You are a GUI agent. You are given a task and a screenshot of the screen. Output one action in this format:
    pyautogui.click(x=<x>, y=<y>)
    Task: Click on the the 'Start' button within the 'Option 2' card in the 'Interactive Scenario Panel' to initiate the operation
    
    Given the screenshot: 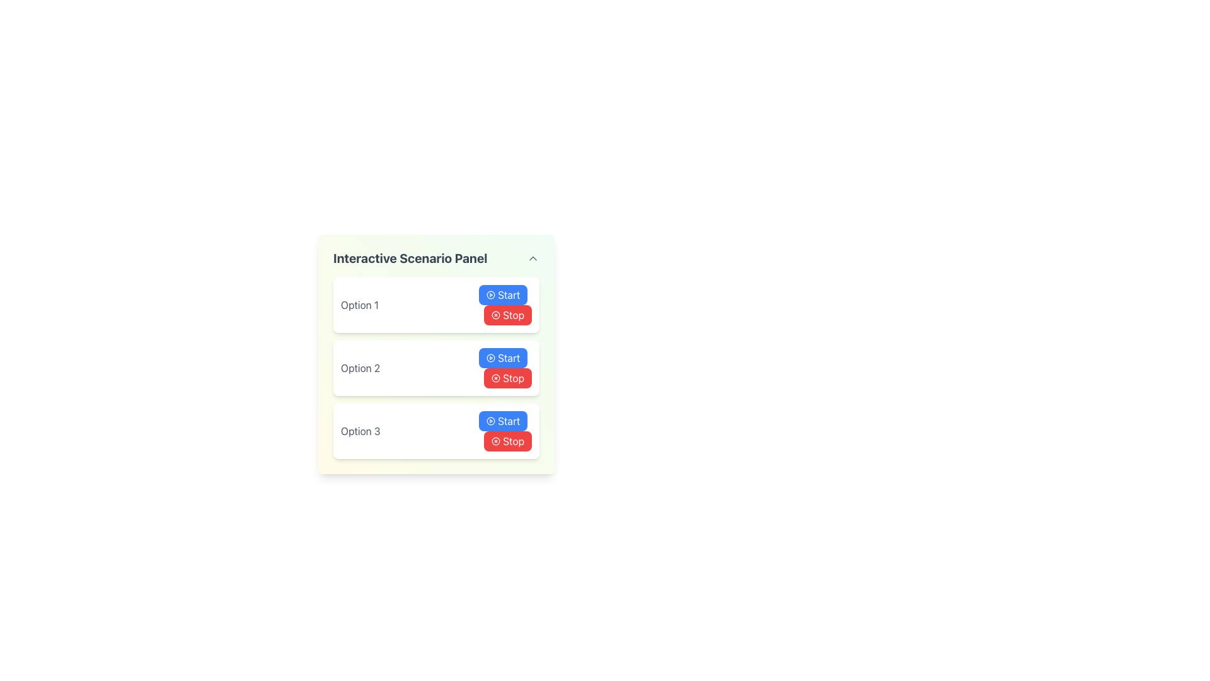 What is the action you would take?
    pyautogui.click(x=505, y=368)
    